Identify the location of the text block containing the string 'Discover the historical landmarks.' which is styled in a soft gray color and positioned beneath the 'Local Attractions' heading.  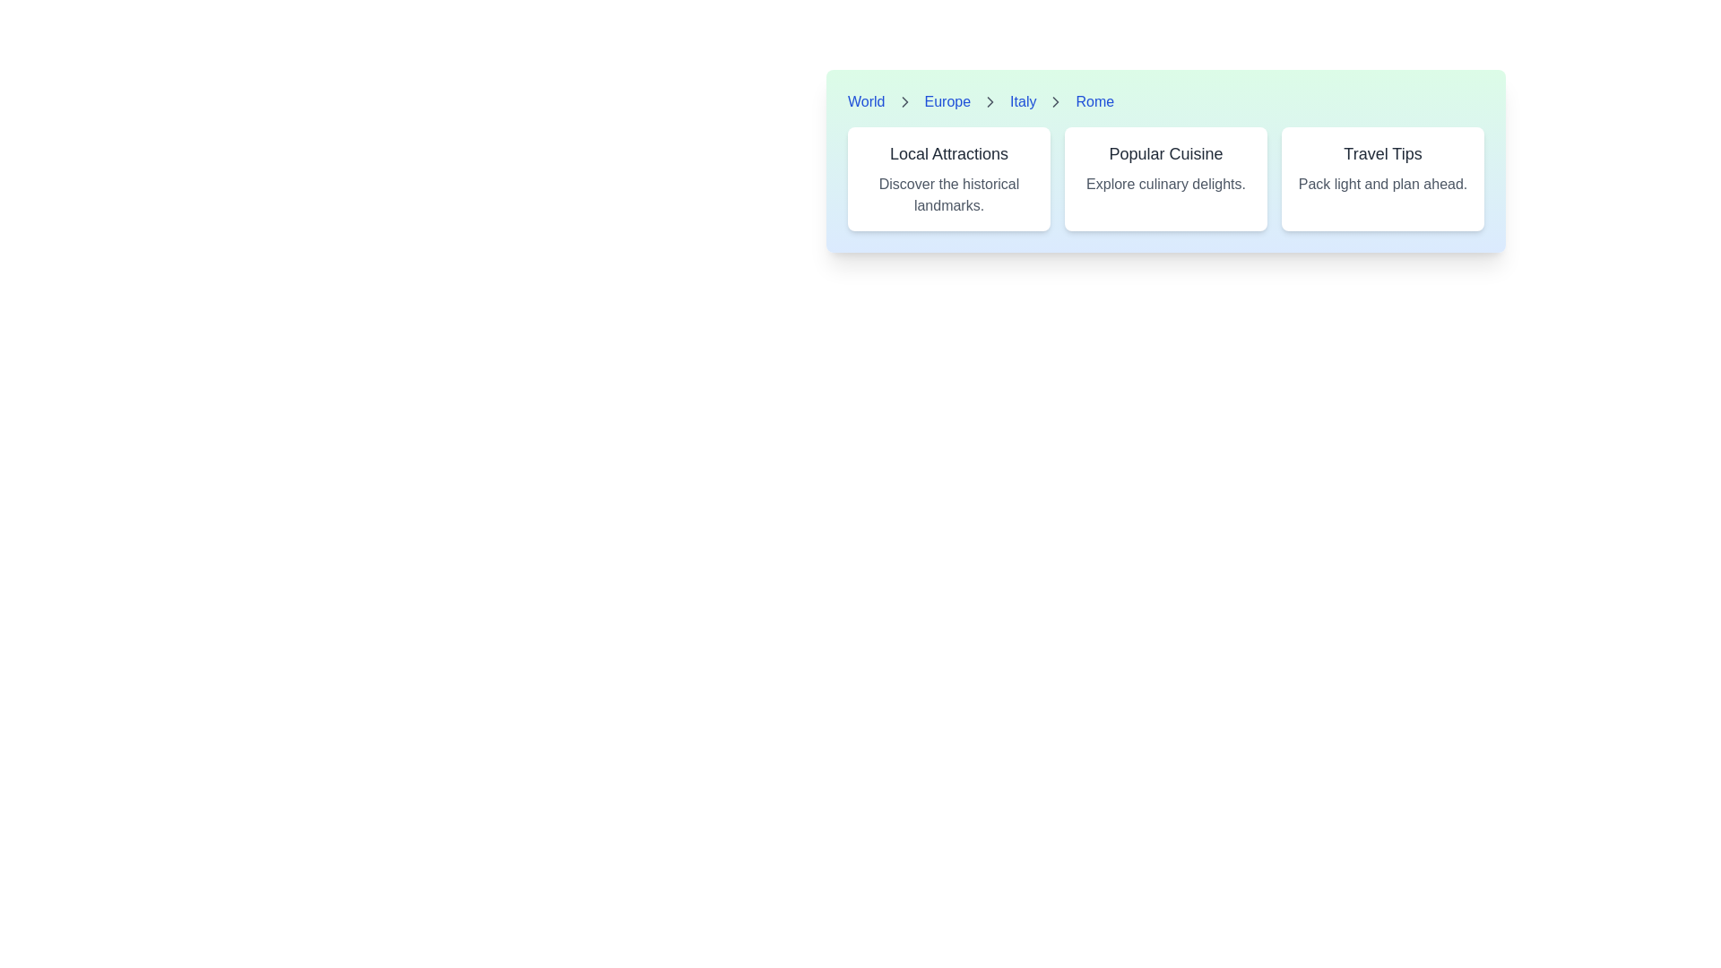
(948, 195).